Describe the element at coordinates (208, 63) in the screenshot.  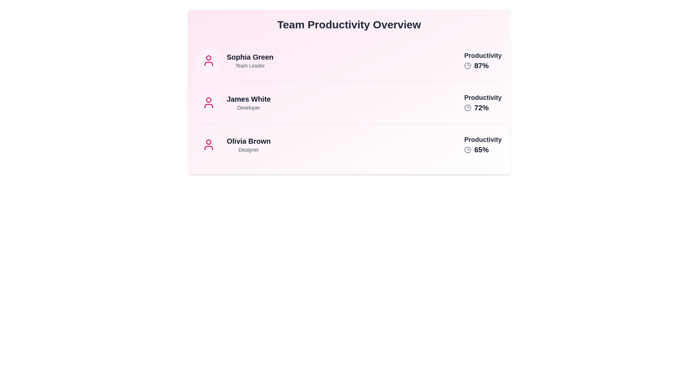
I see `the user profile icon located to the left of 'Sophia Green', who is identified as 'Team Leader'` at that location.